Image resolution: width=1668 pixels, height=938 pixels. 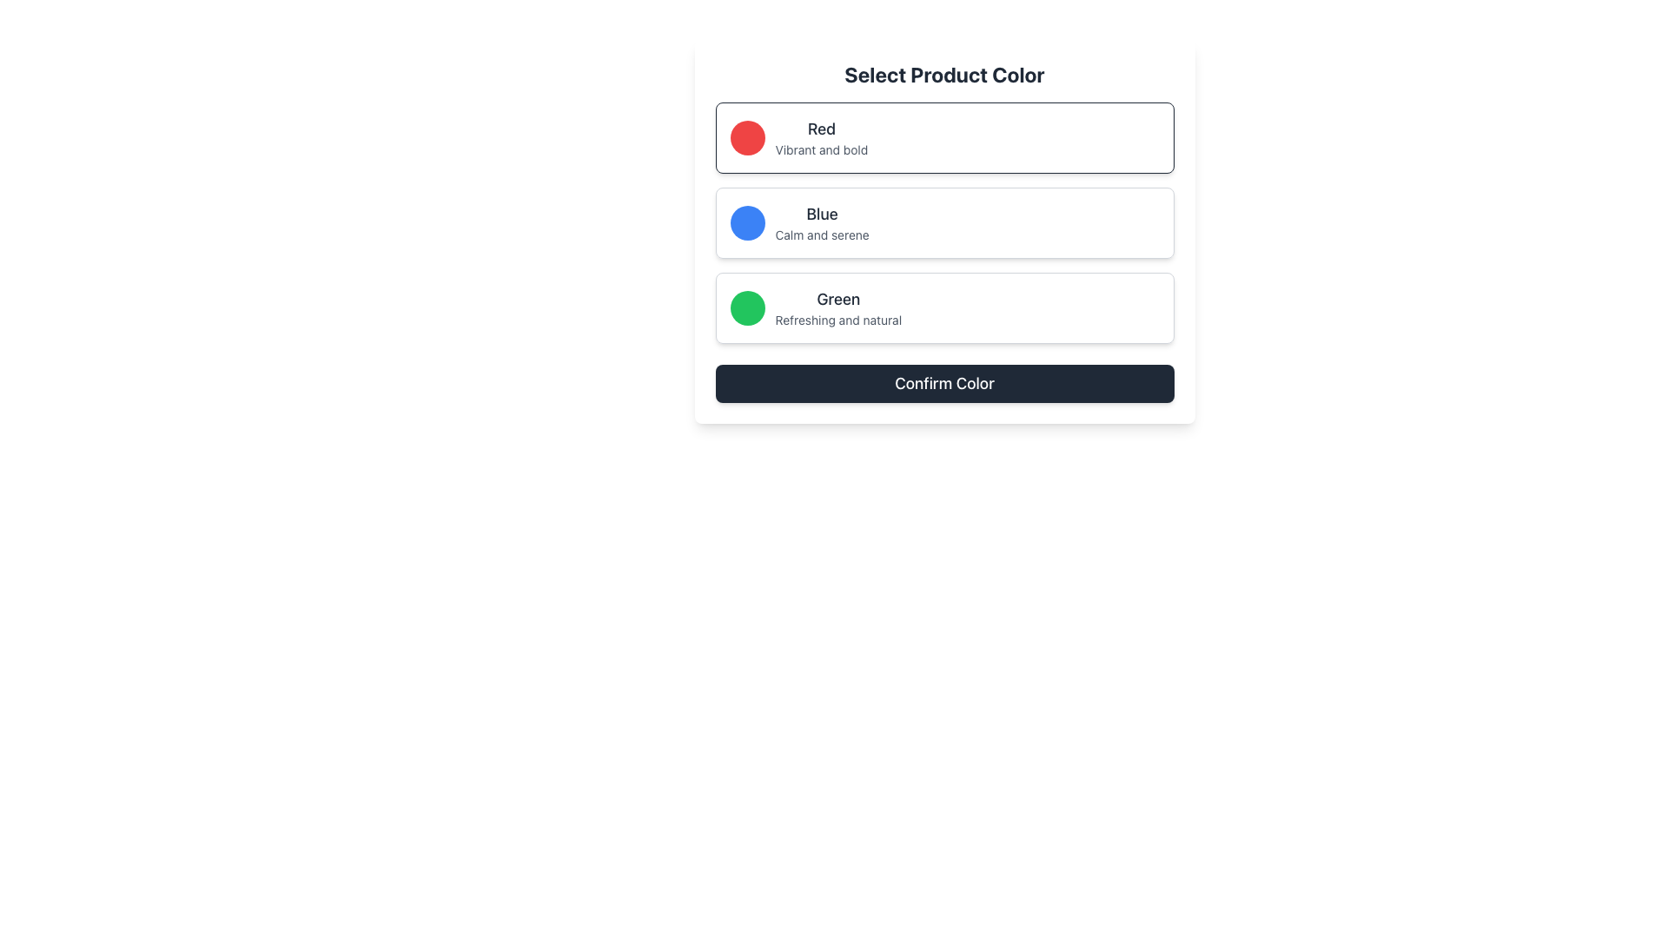 I want to click on the Text Label providing additional information for the 'Blue' color option, located beneath the 'Blue' text in the selection interface, so click(x=821, y=234).